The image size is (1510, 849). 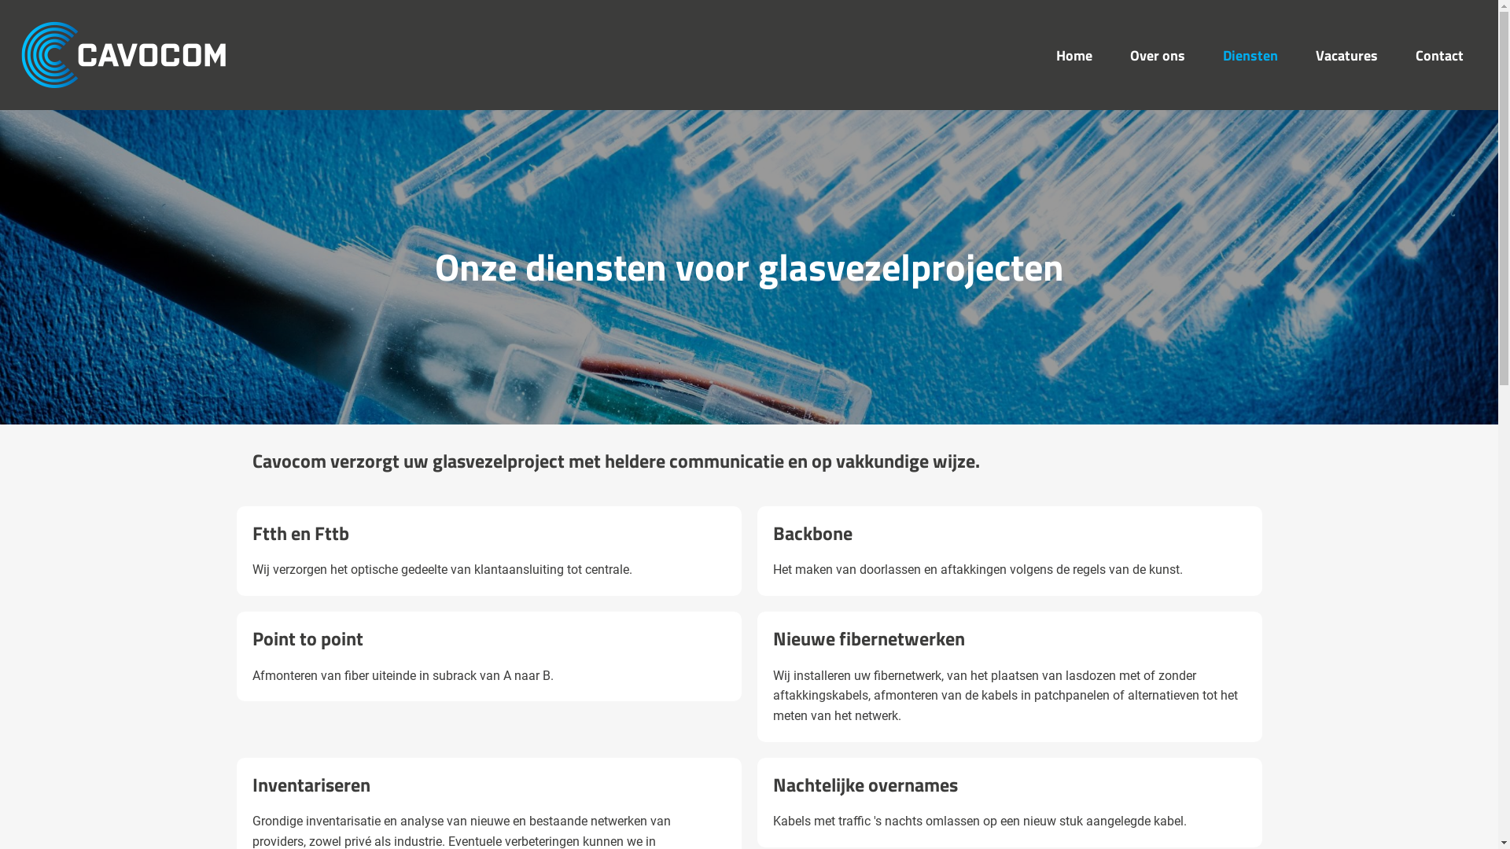 What do you see at coordinates (310, 785) in the screenshot?
I see `'Inventariseren'` at bounding box center [310, 785].